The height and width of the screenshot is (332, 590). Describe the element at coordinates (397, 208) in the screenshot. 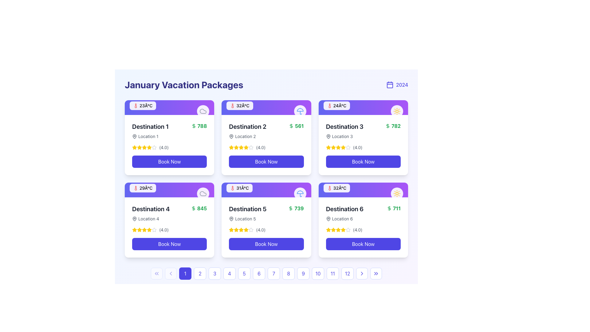

I see `the bold green text label displaying '711', which is positioned to the right of a dollar icon within the card labeled 'Destination 6'` at that location.